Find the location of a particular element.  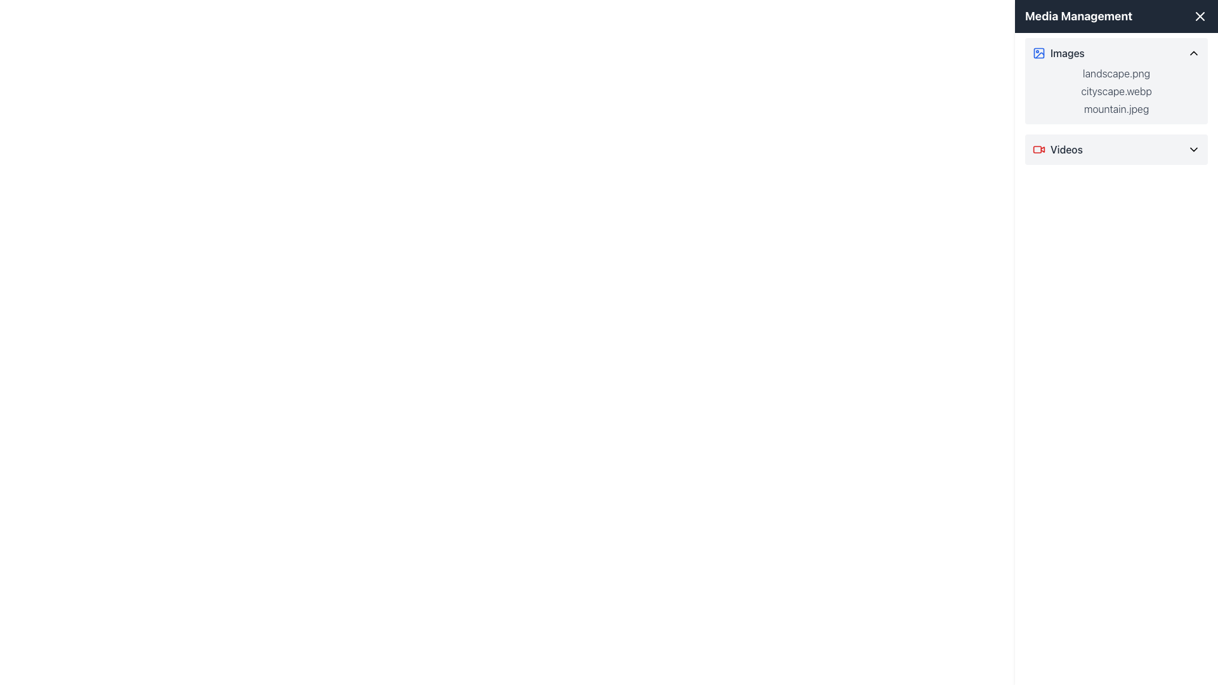

the 'Videos' navigation link in the sidebar, which features a red video camera icon and bold text is located at coordinates (1057, 148).